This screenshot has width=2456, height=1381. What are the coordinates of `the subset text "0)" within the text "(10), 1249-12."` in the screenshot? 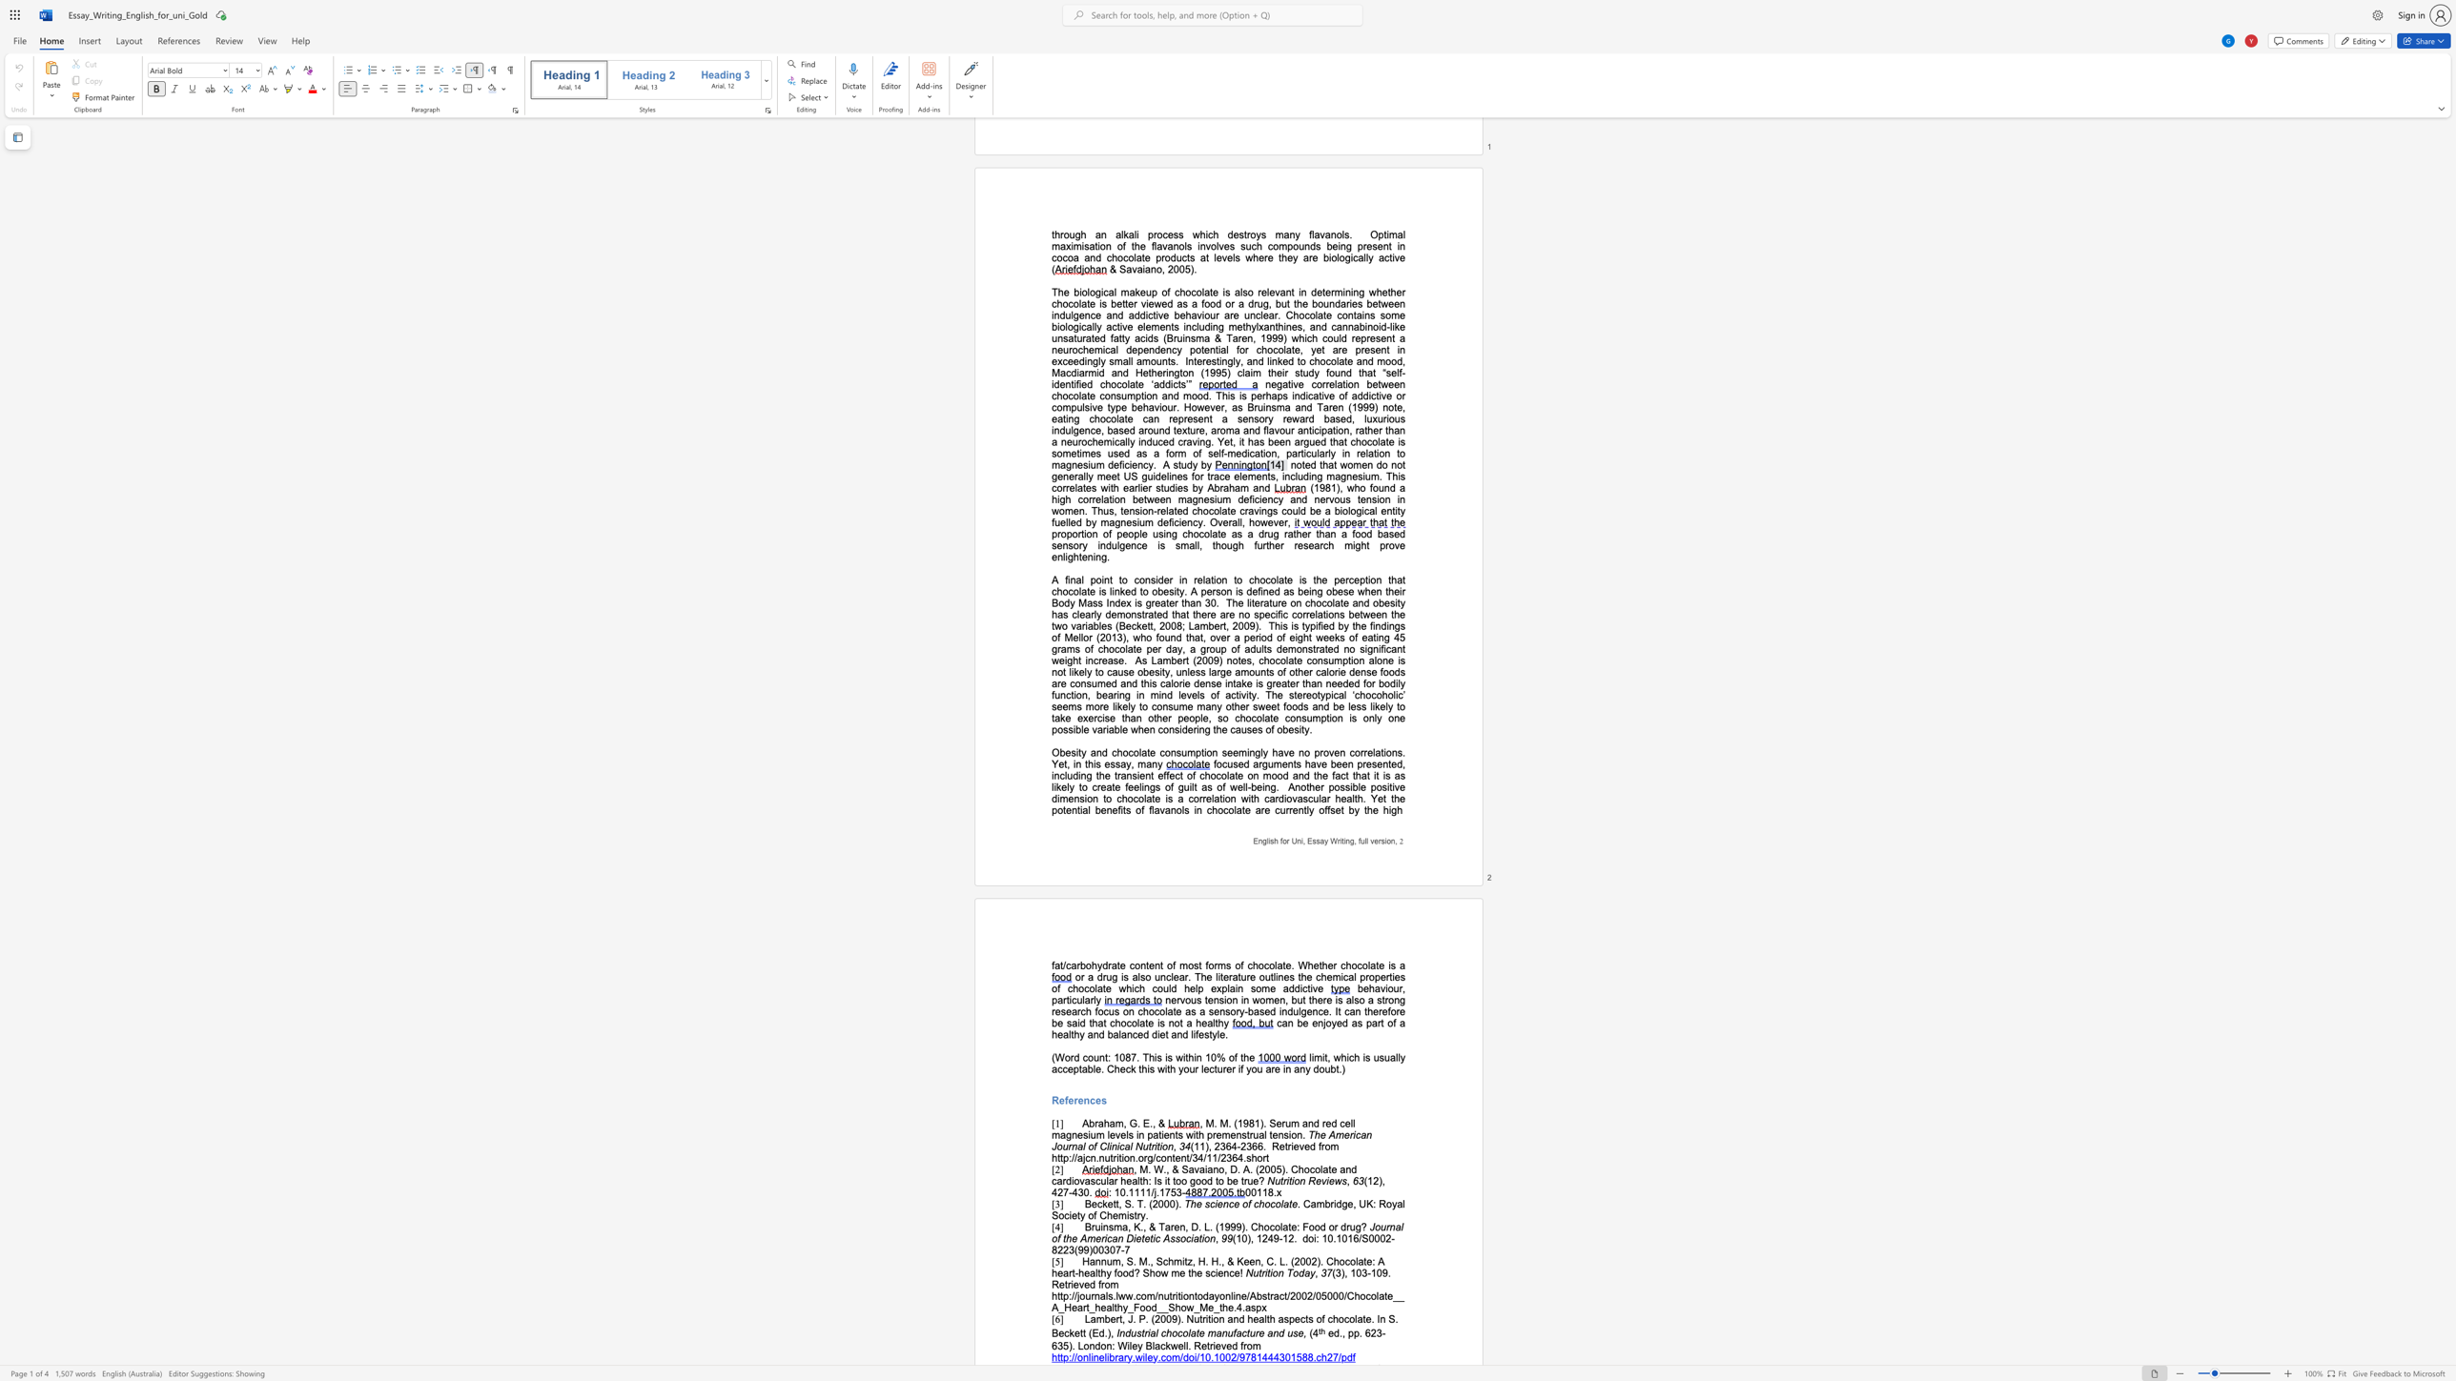 It's located at (1240, 1238).